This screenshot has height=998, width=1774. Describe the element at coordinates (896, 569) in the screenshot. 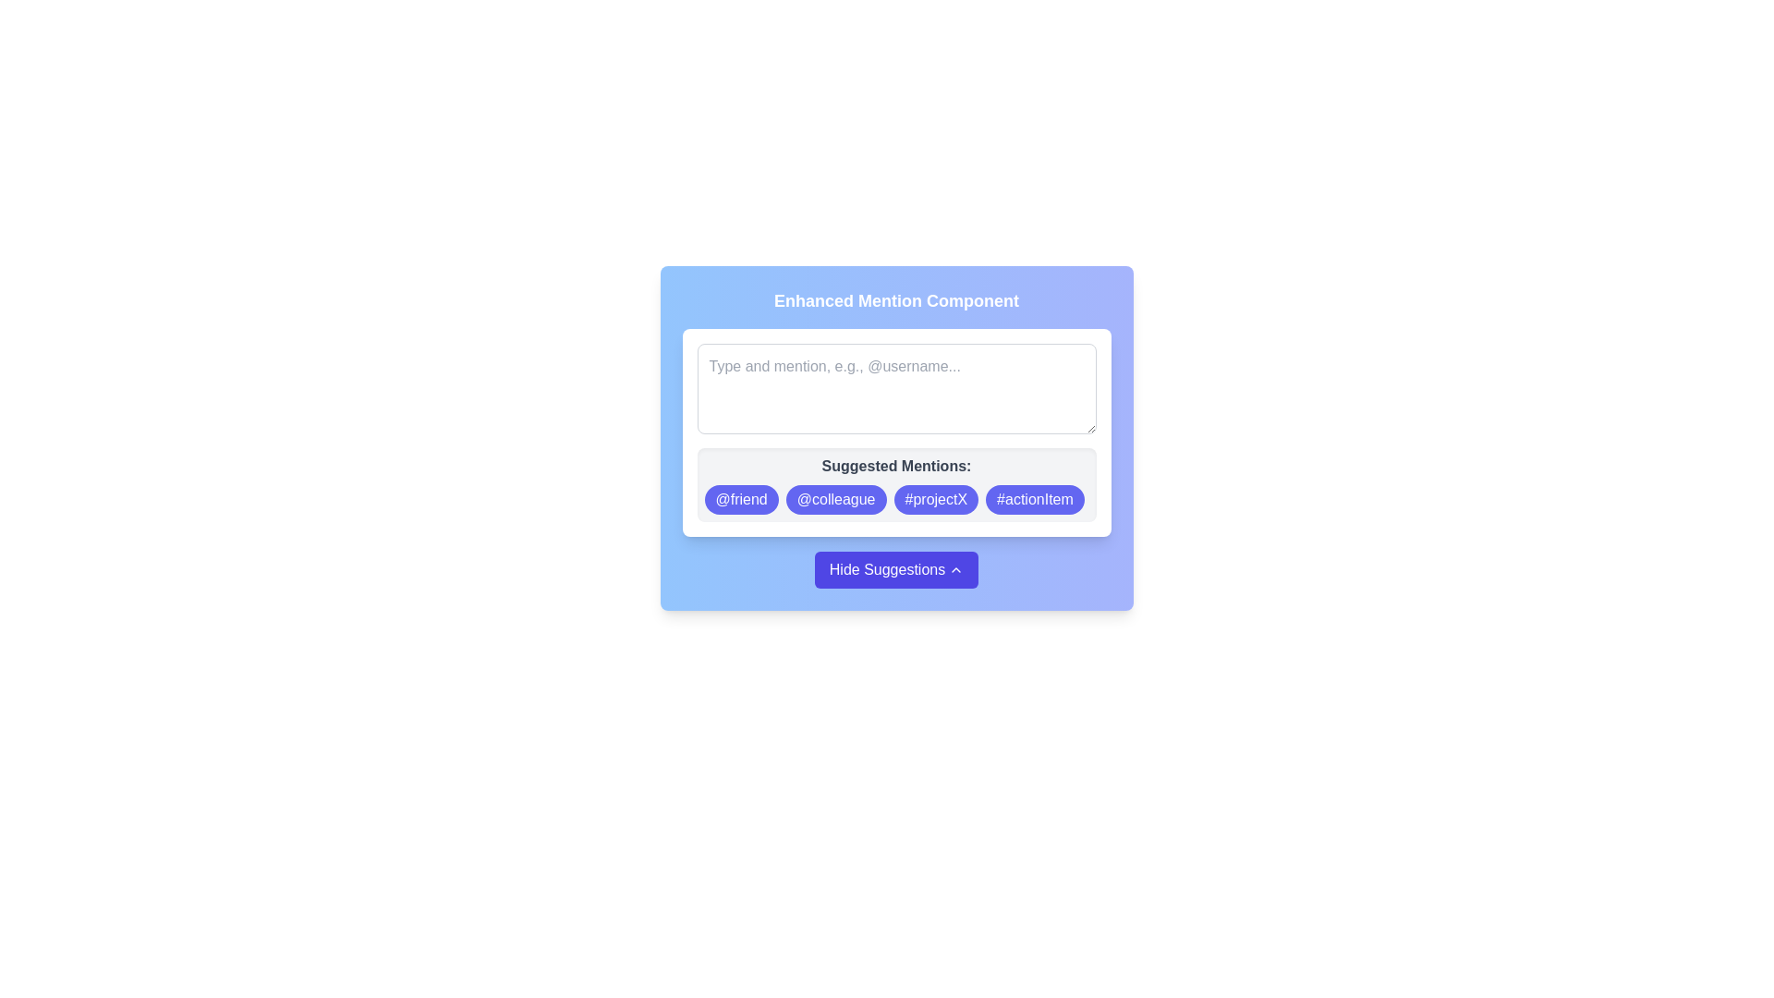

I see `the 'Hide Suggestions' button, which is a rectangular button with rounded corners, featuring a vivid indigo background and white text, located at the bottom of a card-like interface` at that location.